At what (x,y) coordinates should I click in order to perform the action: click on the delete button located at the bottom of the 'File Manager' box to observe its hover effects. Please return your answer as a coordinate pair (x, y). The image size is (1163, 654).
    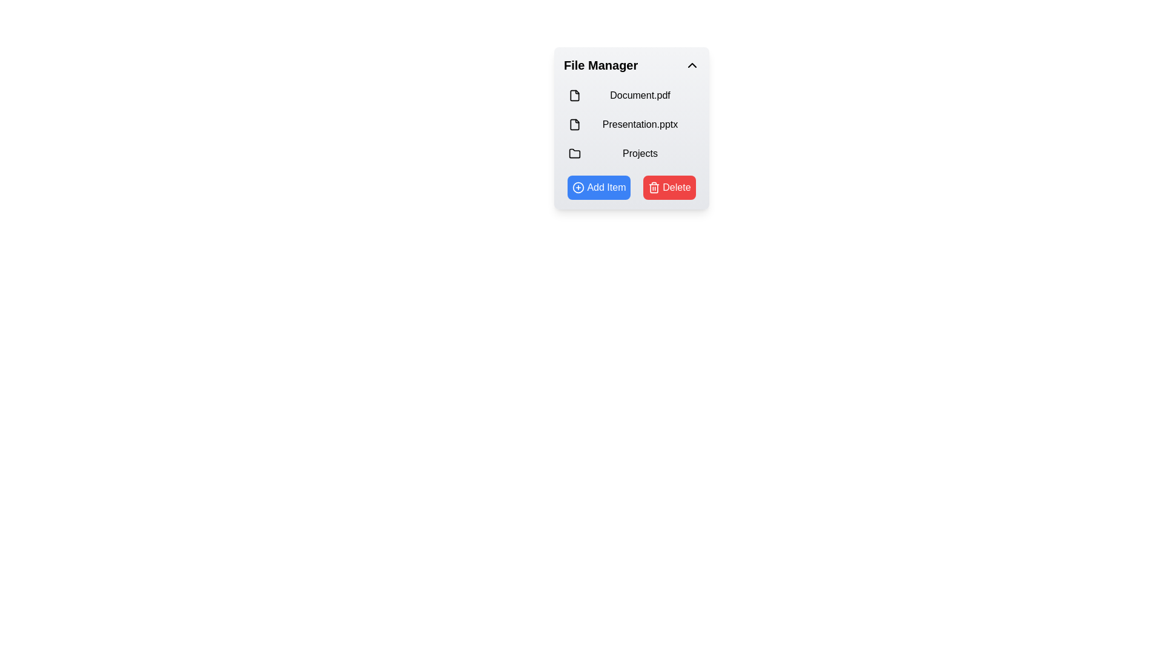
    Looking at the image, I should click on (669, 187).